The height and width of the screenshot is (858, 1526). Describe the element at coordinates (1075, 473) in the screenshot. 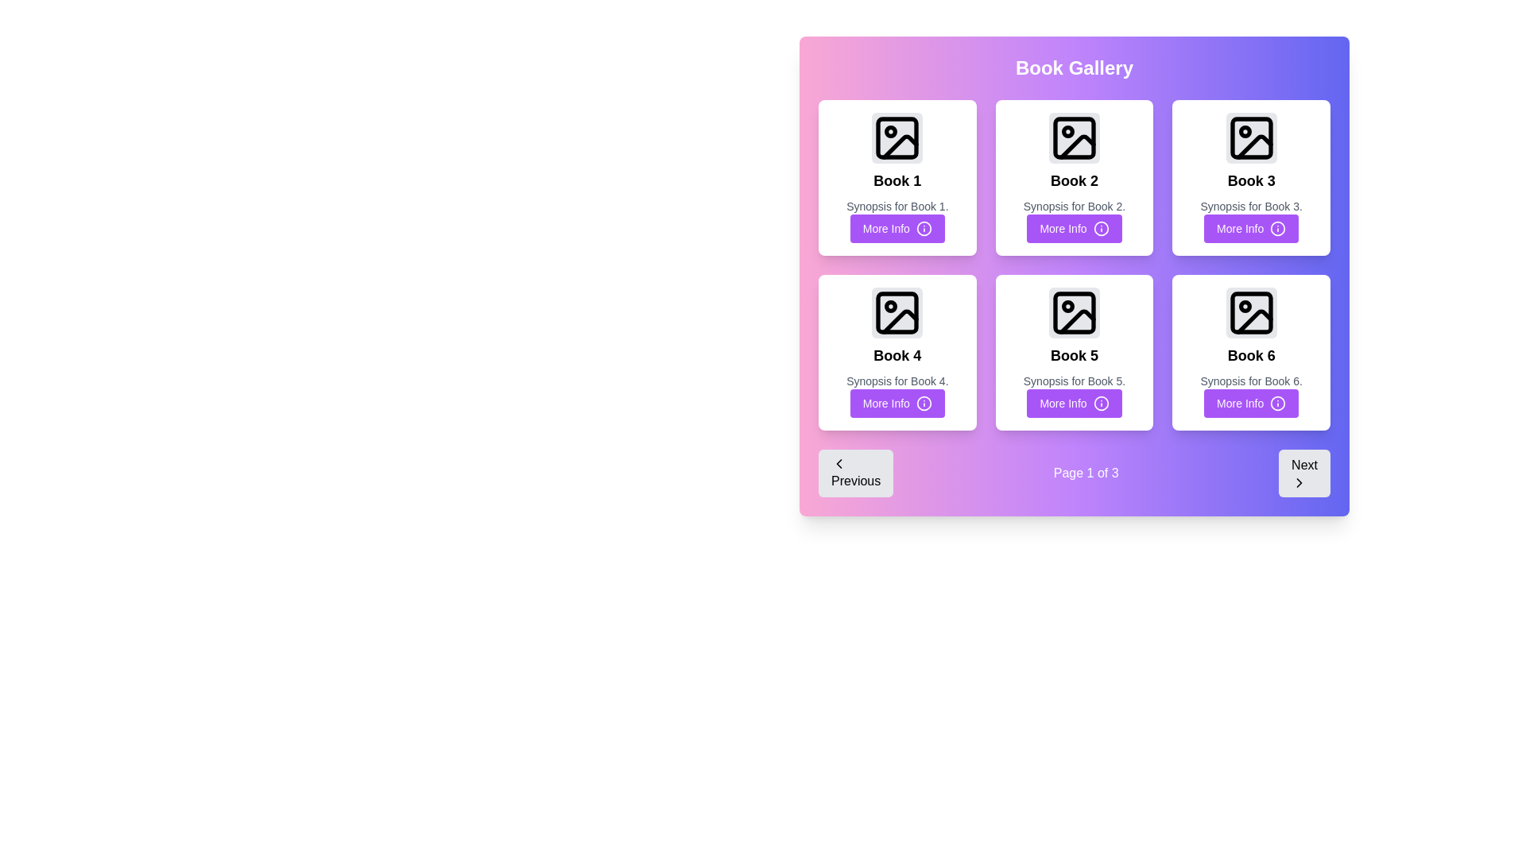

I see `page indicator text located in the center of the pagination bar, which shows 'Page 1 of 3'` at that location.